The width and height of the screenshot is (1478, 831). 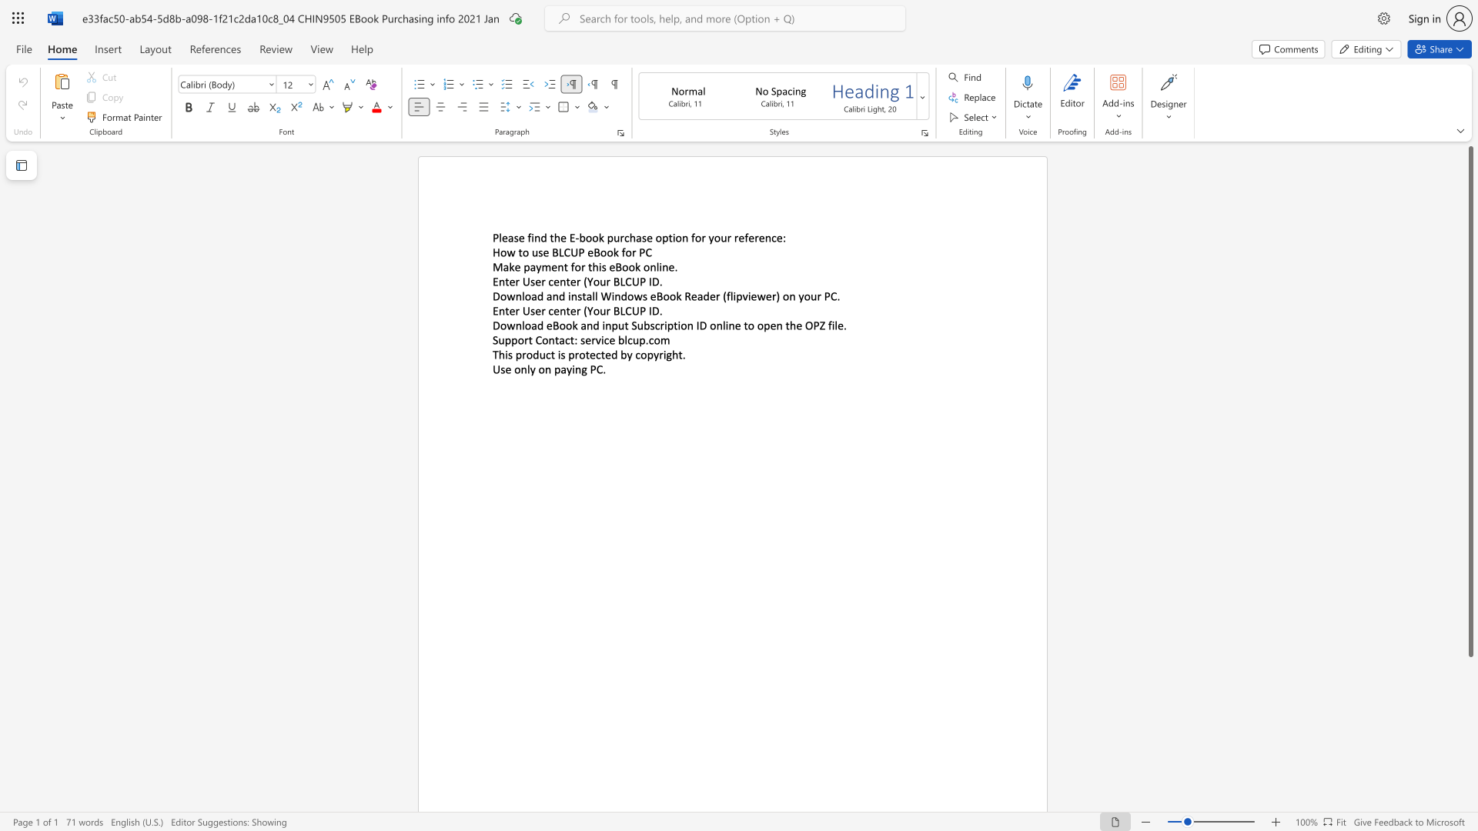 What do you see at coordinates (1470, 769) in the screenshot?
I see `the scrollbar to scroll downward` at bounding box center [1470, 769].